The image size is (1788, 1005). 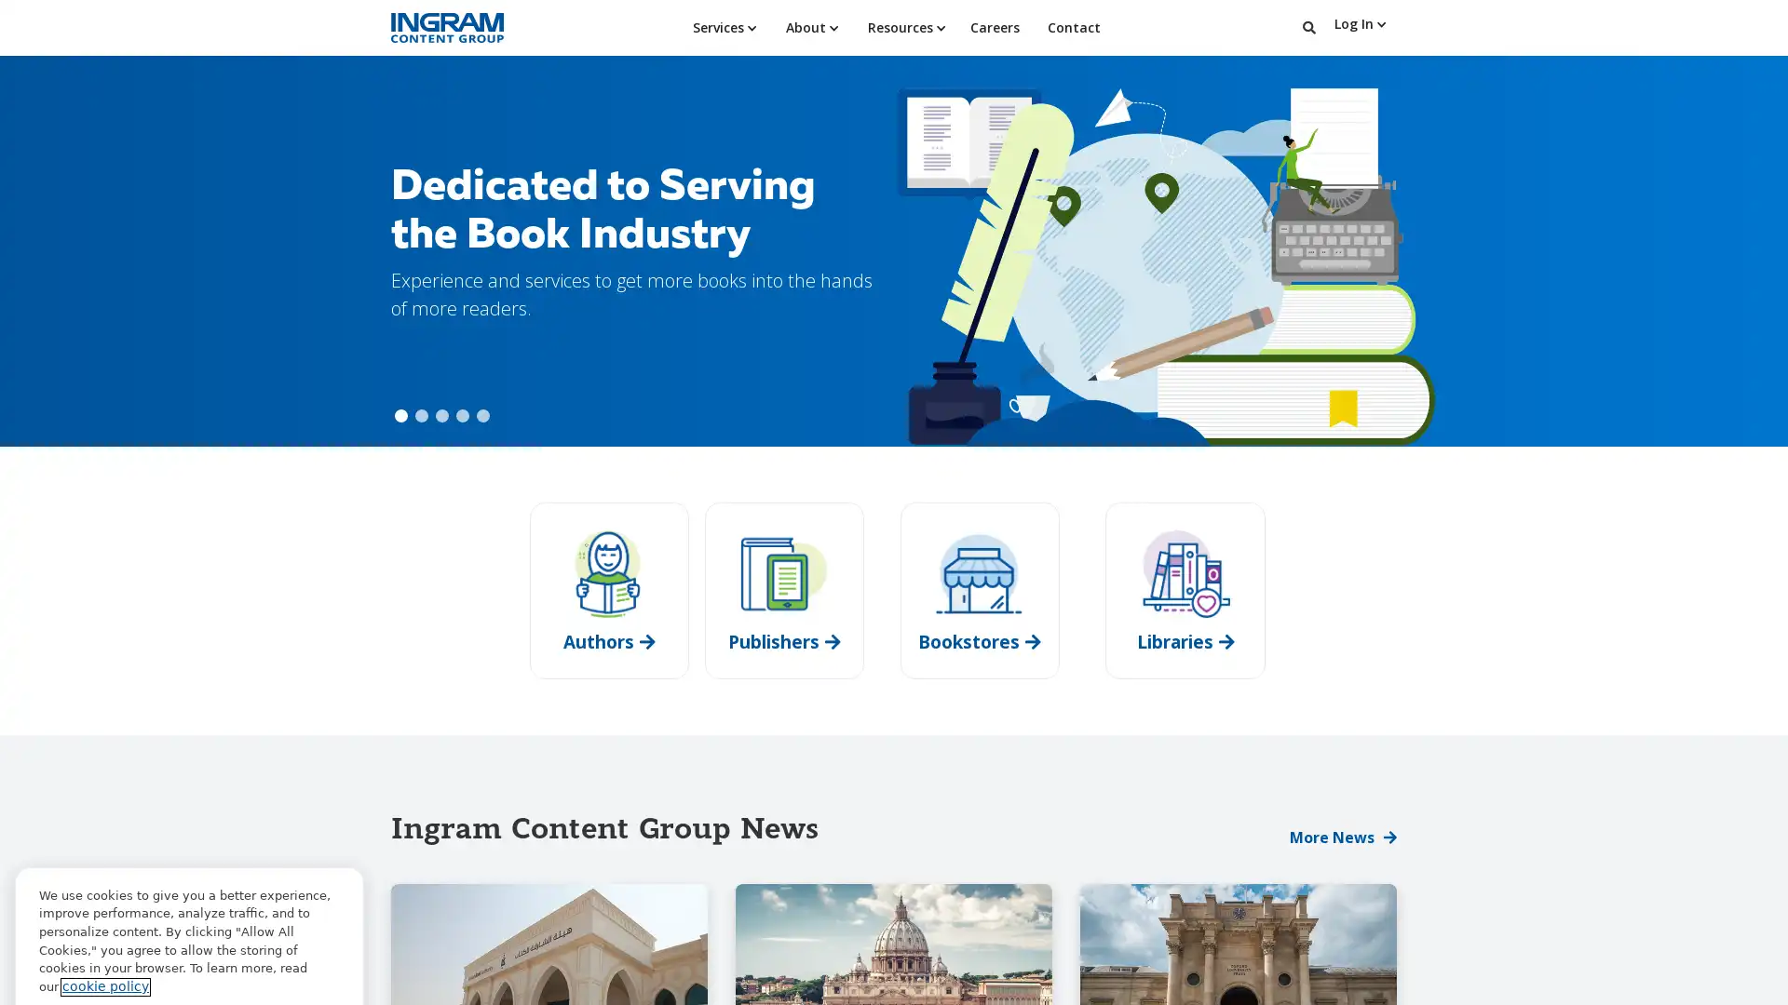 I want to click on Show slide 4 of 5, so click(x=463, y=414).